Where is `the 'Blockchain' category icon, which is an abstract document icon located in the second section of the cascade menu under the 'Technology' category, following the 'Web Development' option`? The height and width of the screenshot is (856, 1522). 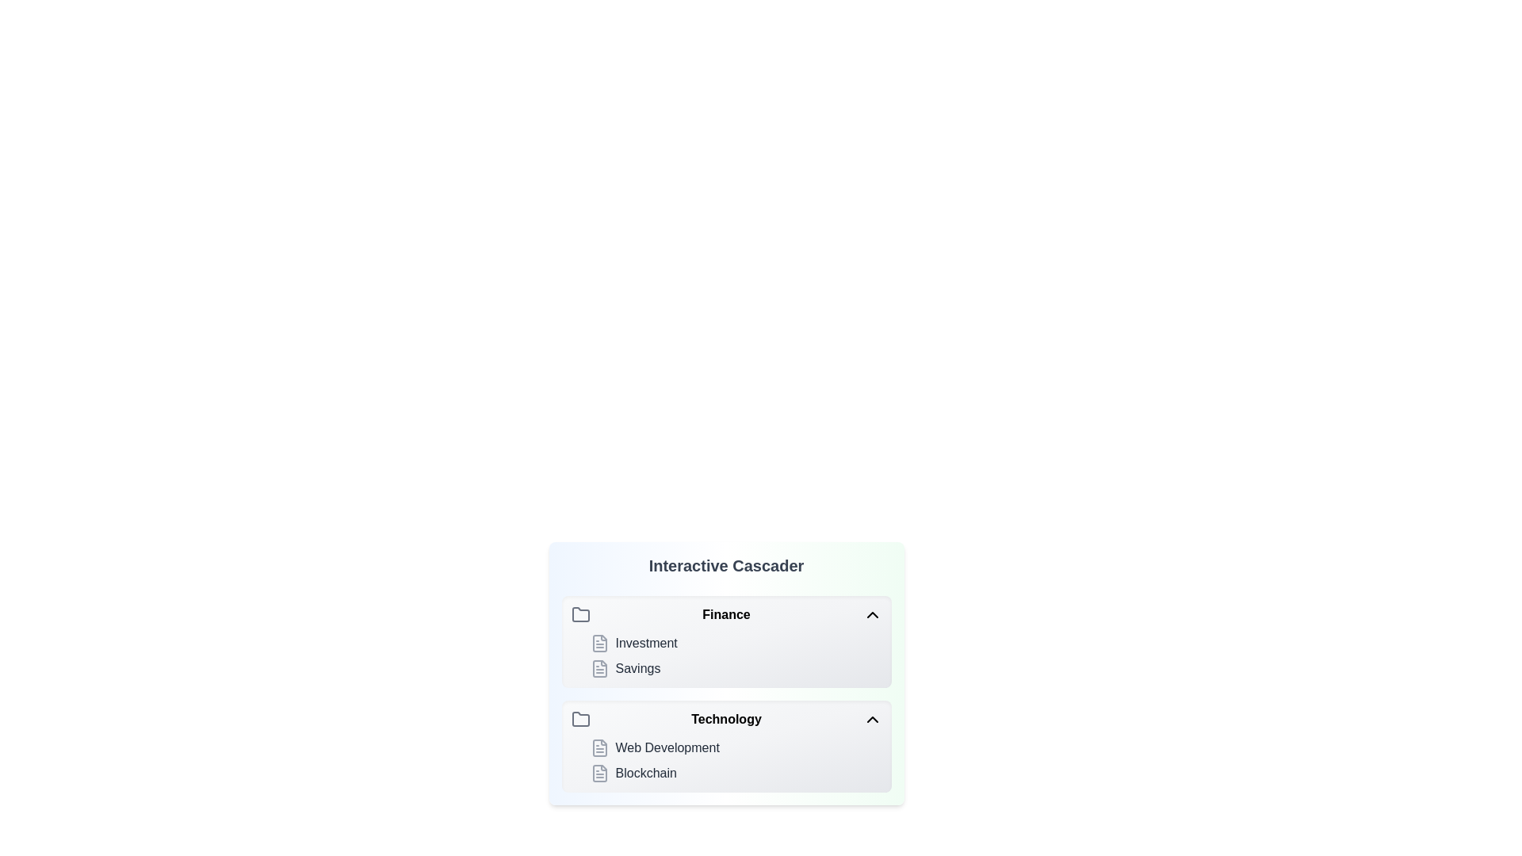
the 'Blockchain' category icon, which is an abstract document icon located in the second section of the cascade menu under the 'Technology' category, following the 'Web Development' option is located at coordinates (598, 772).